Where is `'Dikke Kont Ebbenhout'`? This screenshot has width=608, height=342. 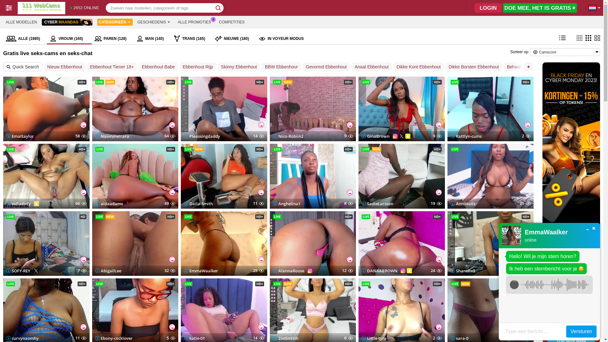 'Dikke Kont Ebbenhout' is located at coordinates (418, 67).